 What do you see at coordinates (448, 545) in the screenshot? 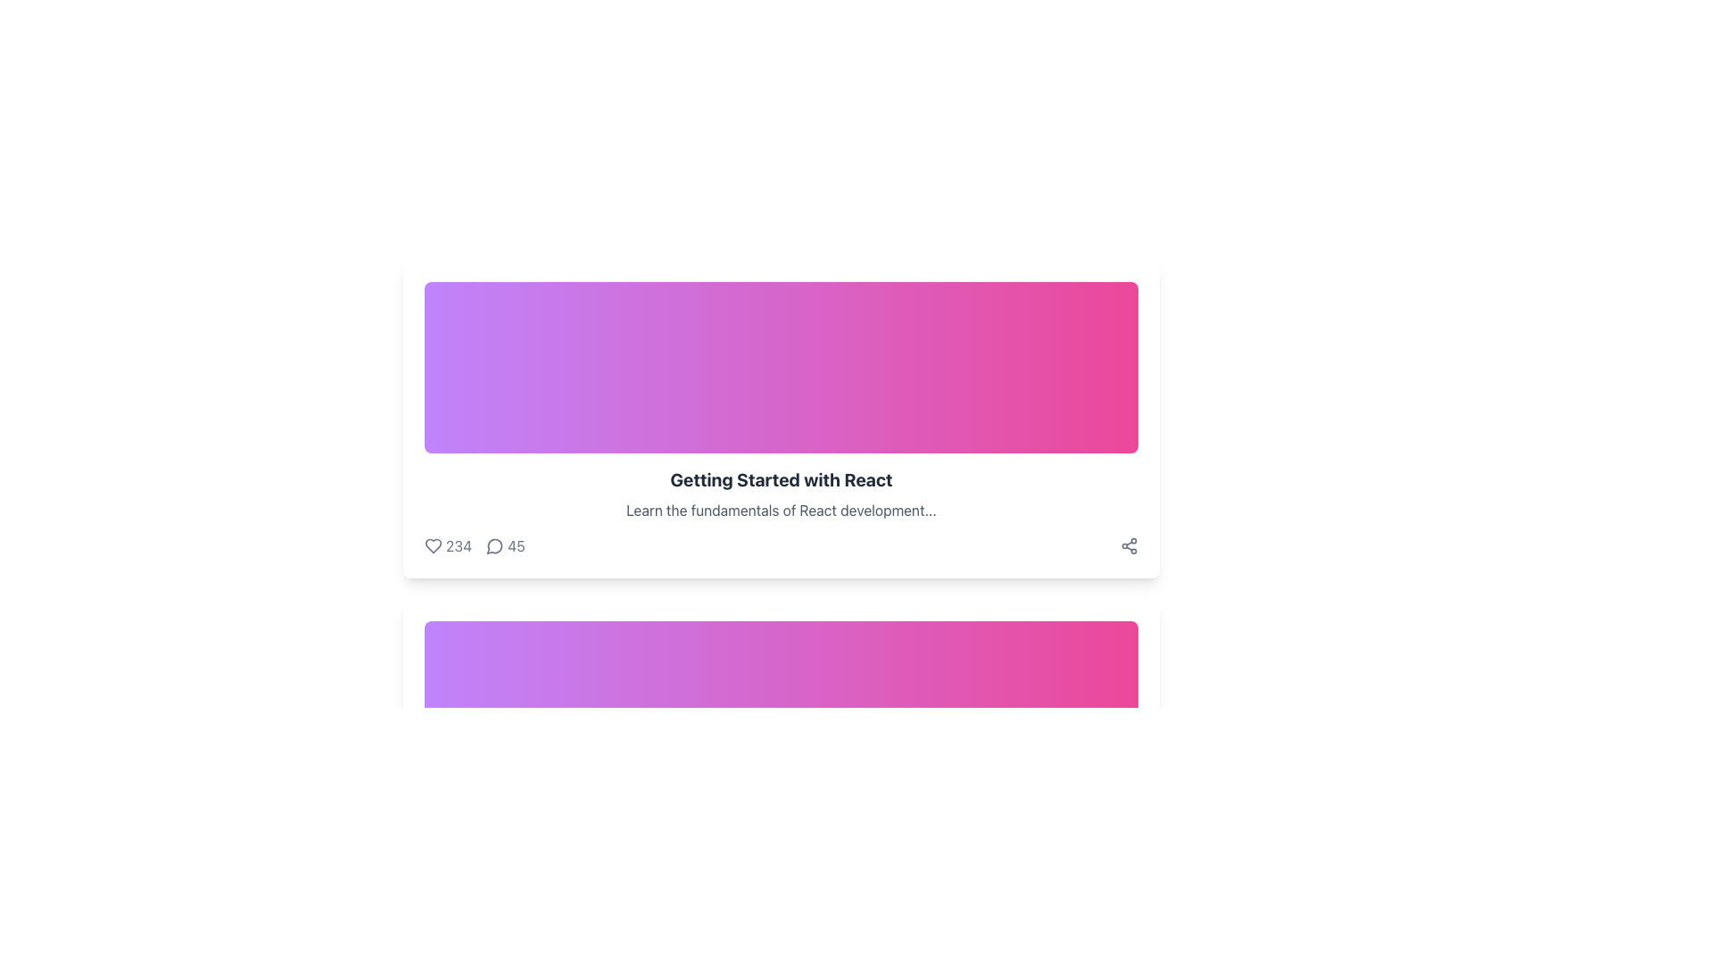
I see `the interactive UI element that indicates appreciation or liking for content, located at the bottom-left segment of the card interface` at bounding box center [448, 545].